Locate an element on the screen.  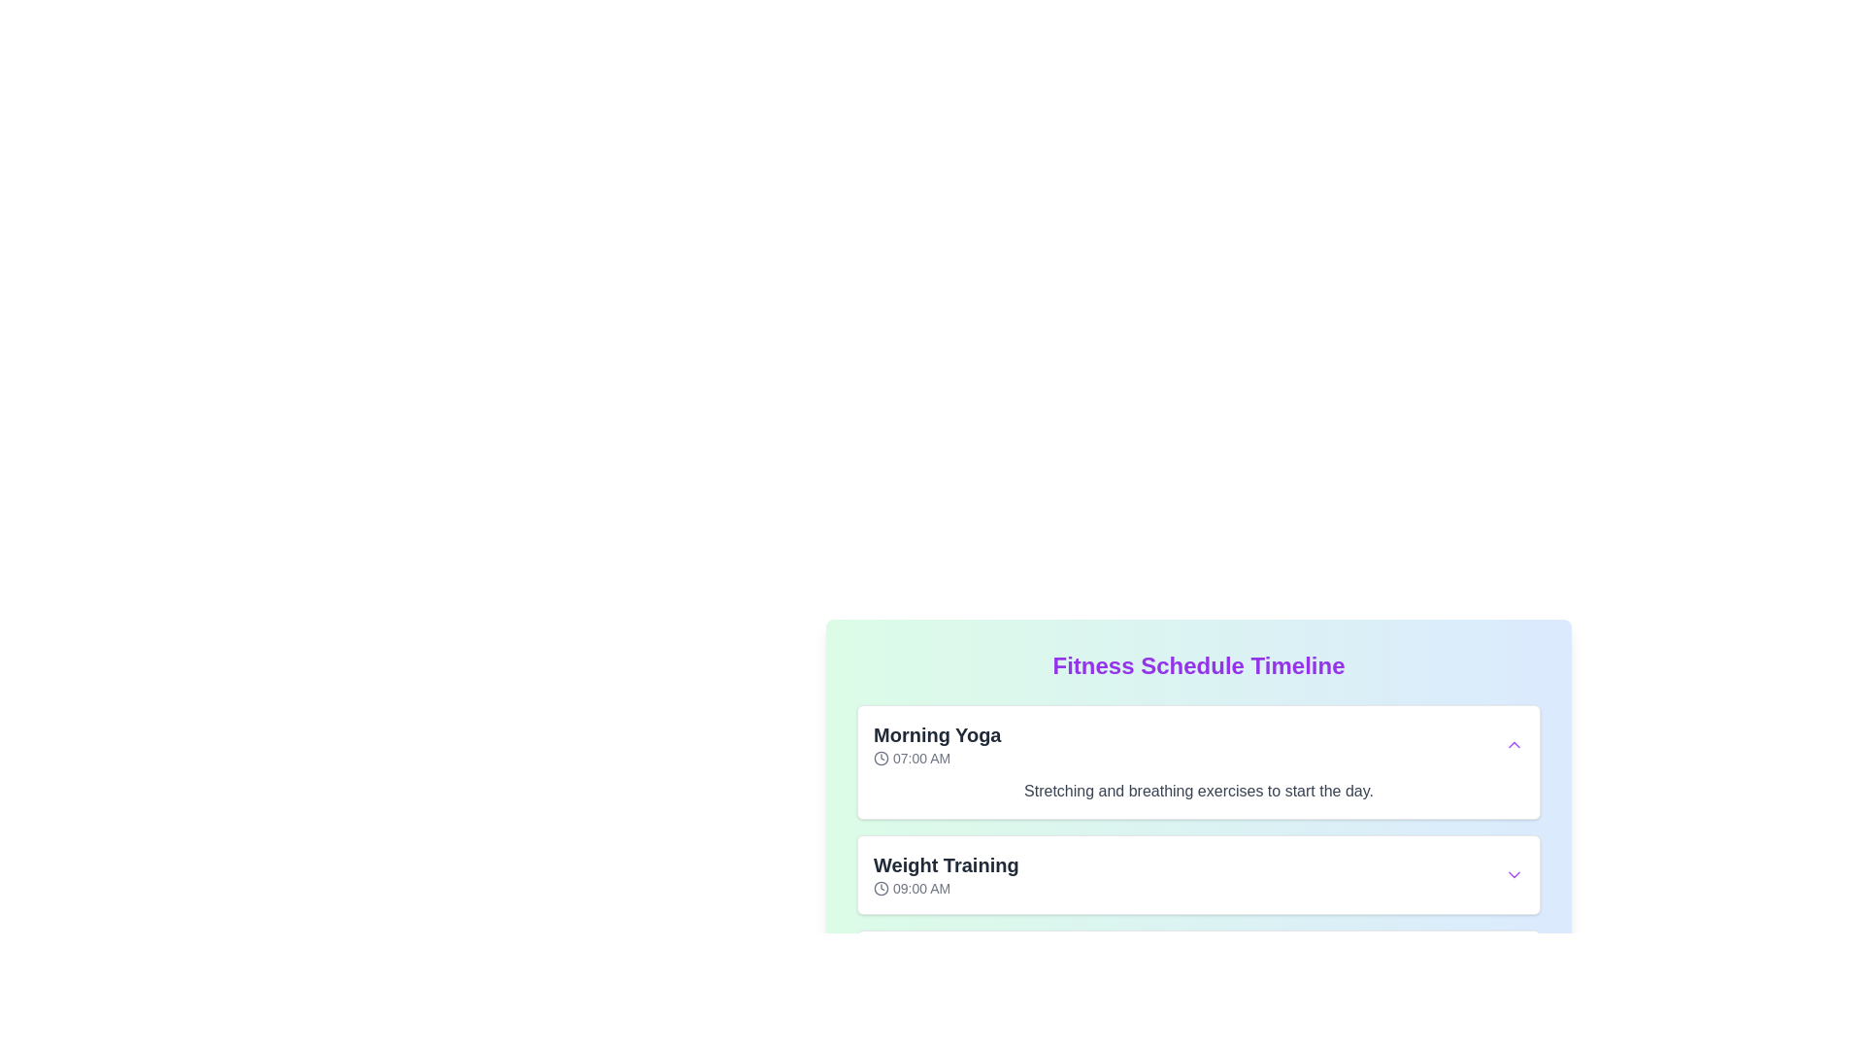
the circular clock icon within the 'Morning Yoga' schedule item, which has a minimalistic flat design and is located near the '07:00 AM' label is located at coordinates (880, 757).